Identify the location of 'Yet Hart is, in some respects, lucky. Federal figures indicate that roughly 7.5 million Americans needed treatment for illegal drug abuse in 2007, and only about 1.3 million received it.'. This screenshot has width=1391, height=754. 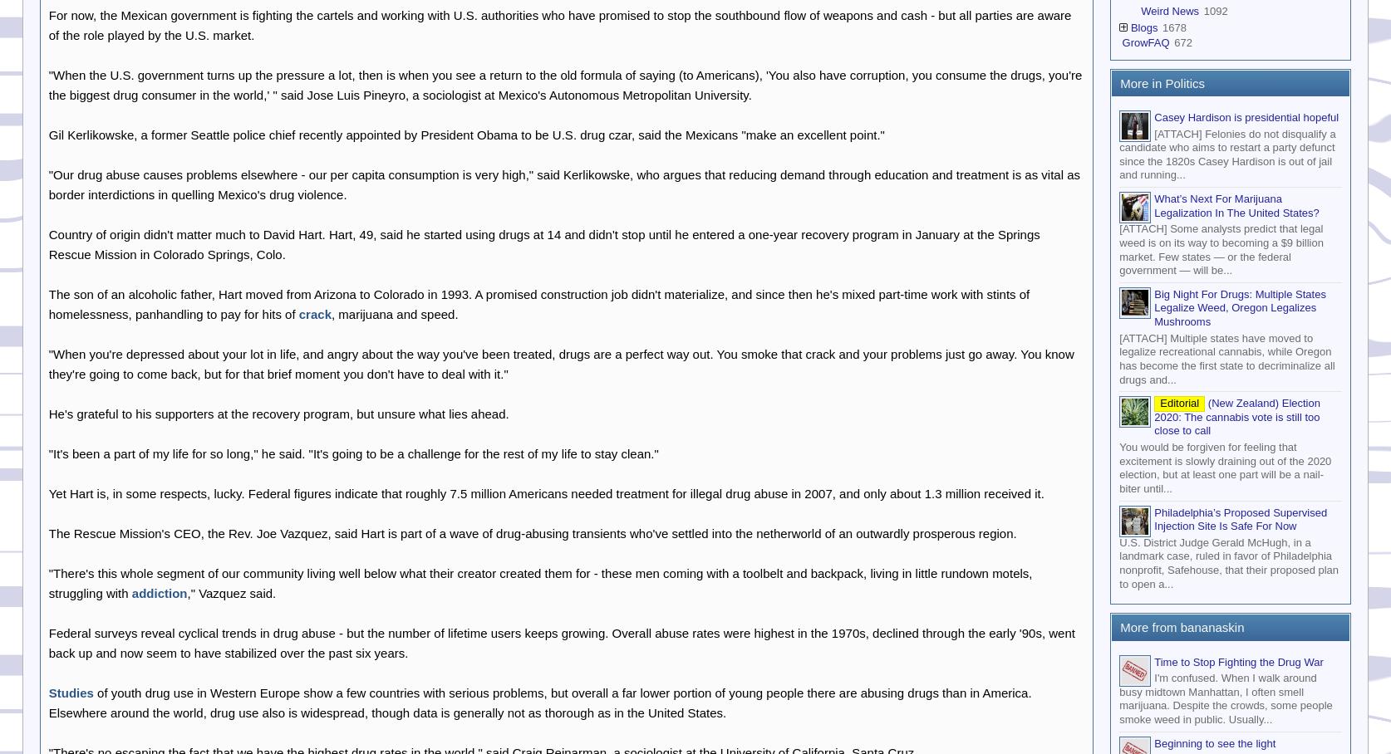
(546, 492).